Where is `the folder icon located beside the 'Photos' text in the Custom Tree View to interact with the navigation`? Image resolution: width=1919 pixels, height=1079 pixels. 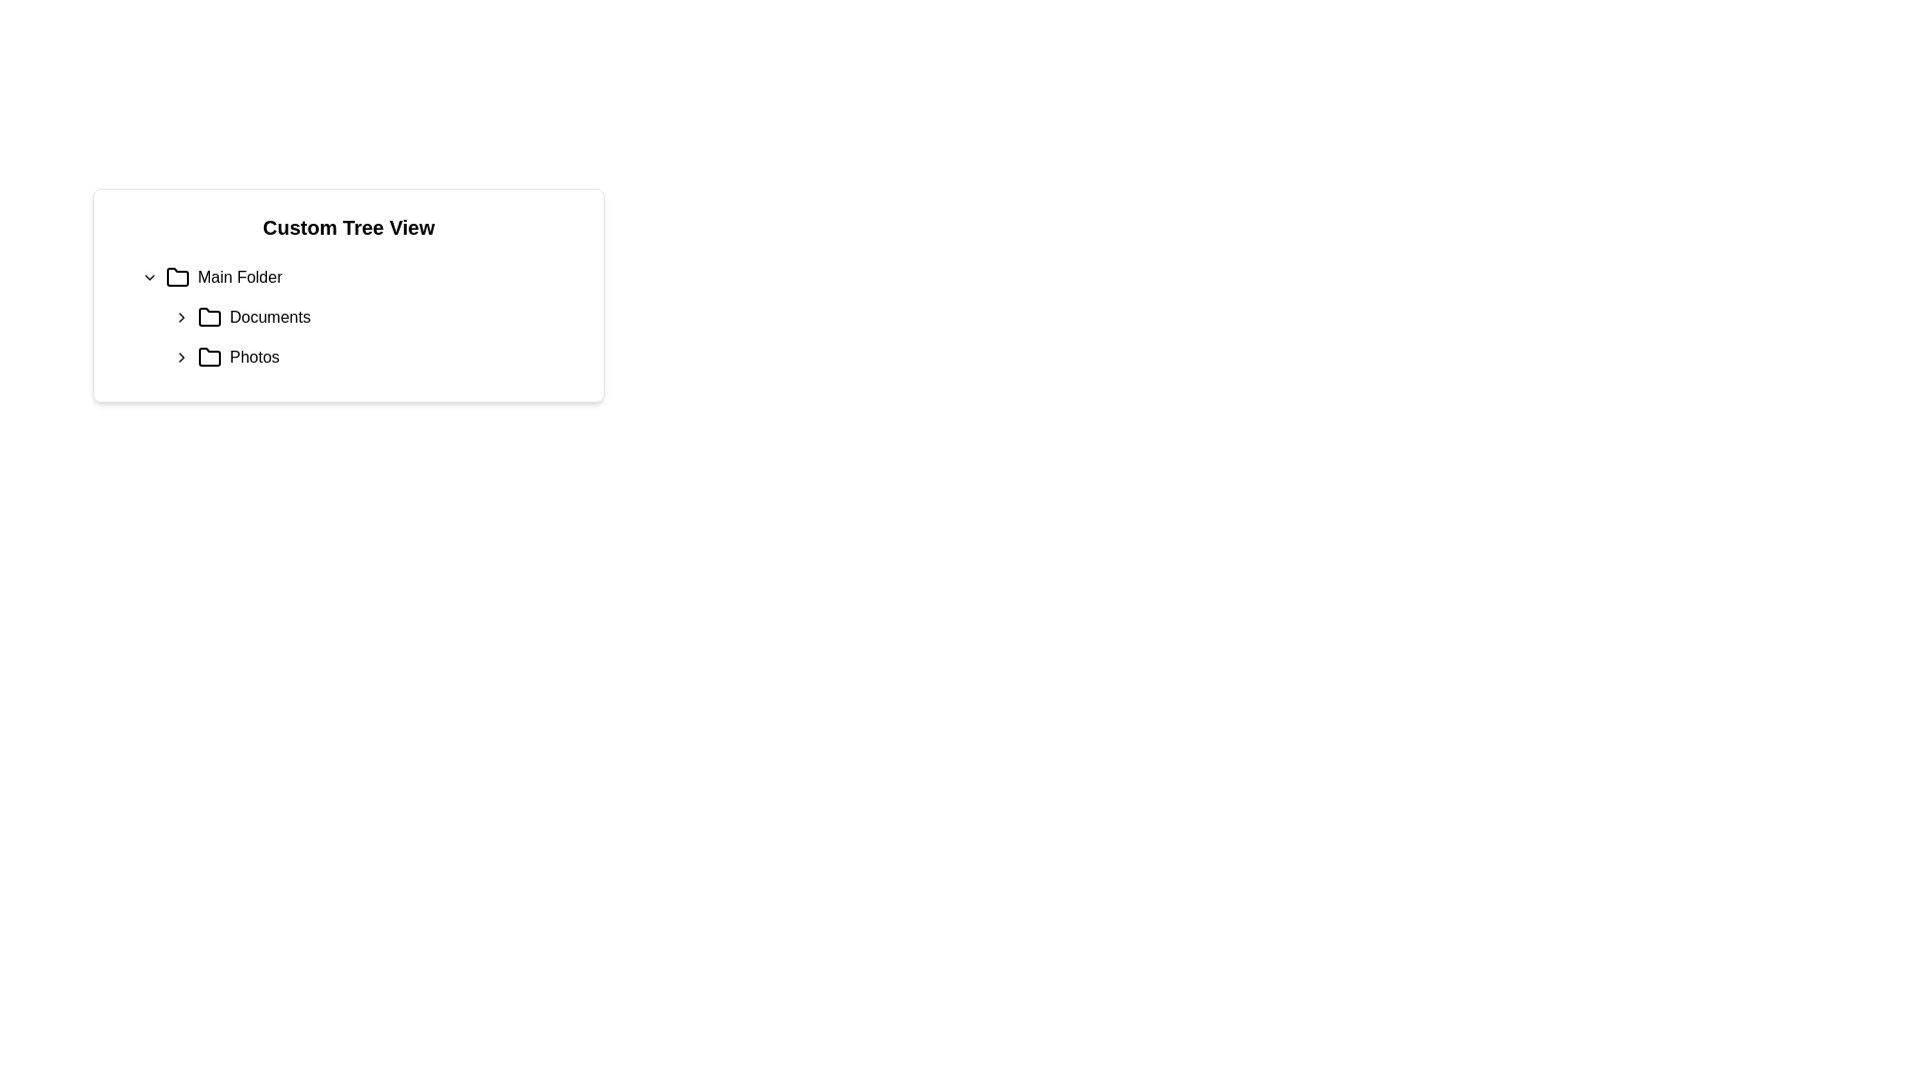
the folder icon located beside the 'Photos' text in the Custom Tree View to interact with the navigation is located at coordinates (210, 357).